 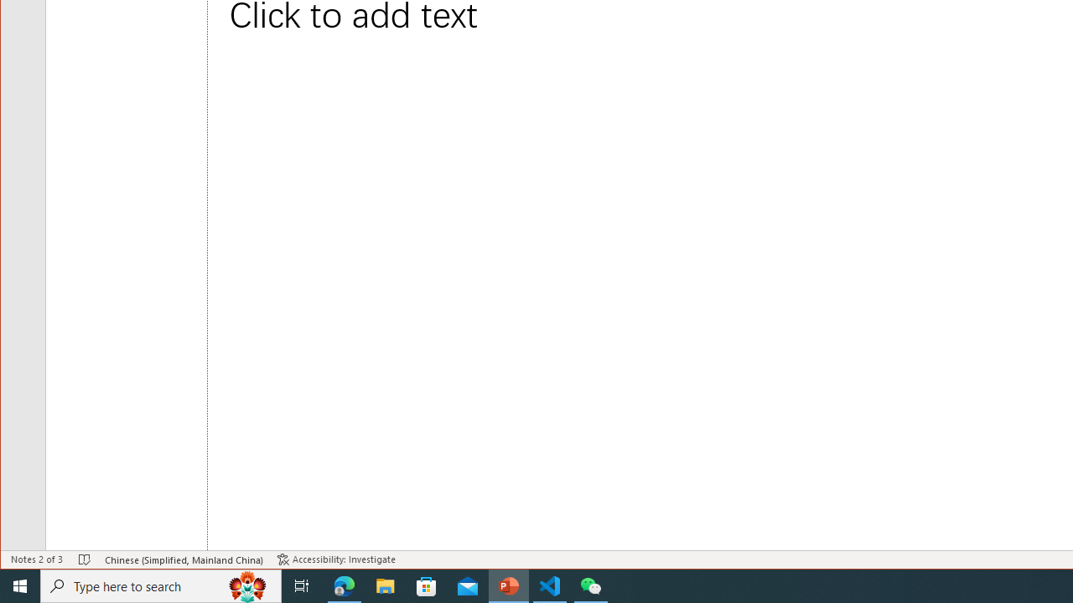 I want to click on 'Microsoft Edge - 1 running window', so click(x=344, y=585).